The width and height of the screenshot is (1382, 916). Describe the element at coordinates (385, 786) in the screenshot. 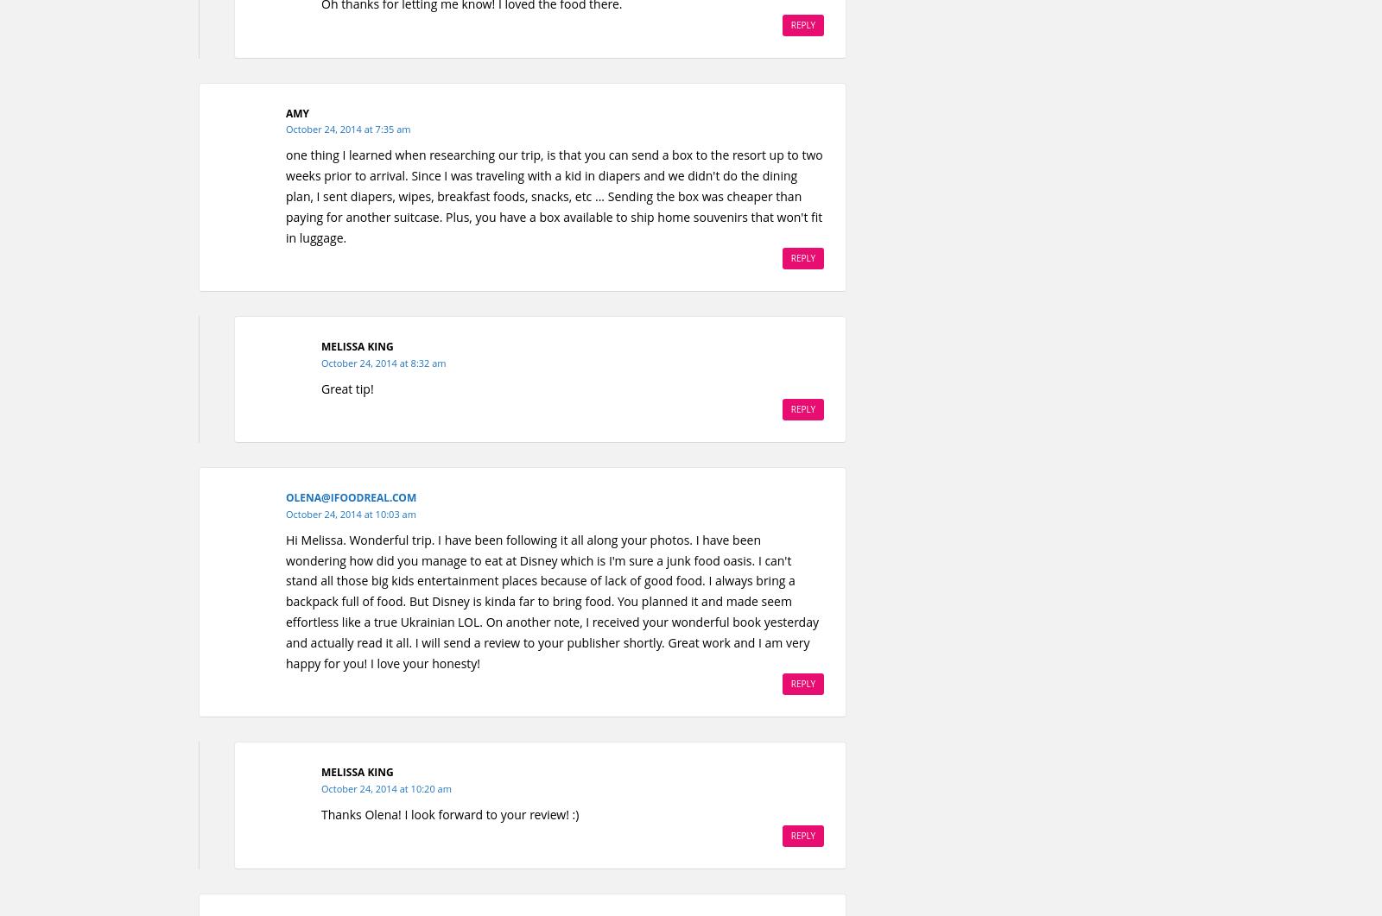

I see `'October 24, 2014 at 10:20 am'` at that location.